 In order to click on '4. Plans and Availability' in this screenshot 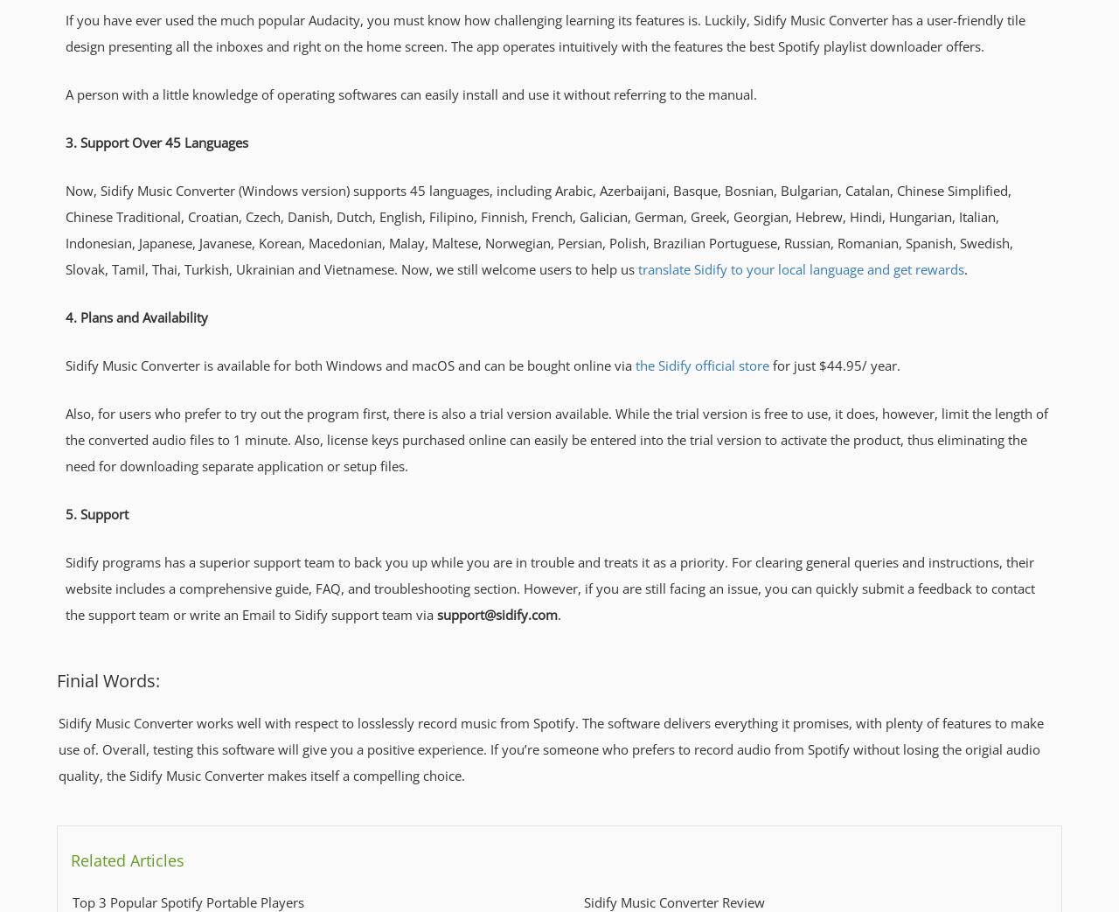, I will do `click(66, 316)`.